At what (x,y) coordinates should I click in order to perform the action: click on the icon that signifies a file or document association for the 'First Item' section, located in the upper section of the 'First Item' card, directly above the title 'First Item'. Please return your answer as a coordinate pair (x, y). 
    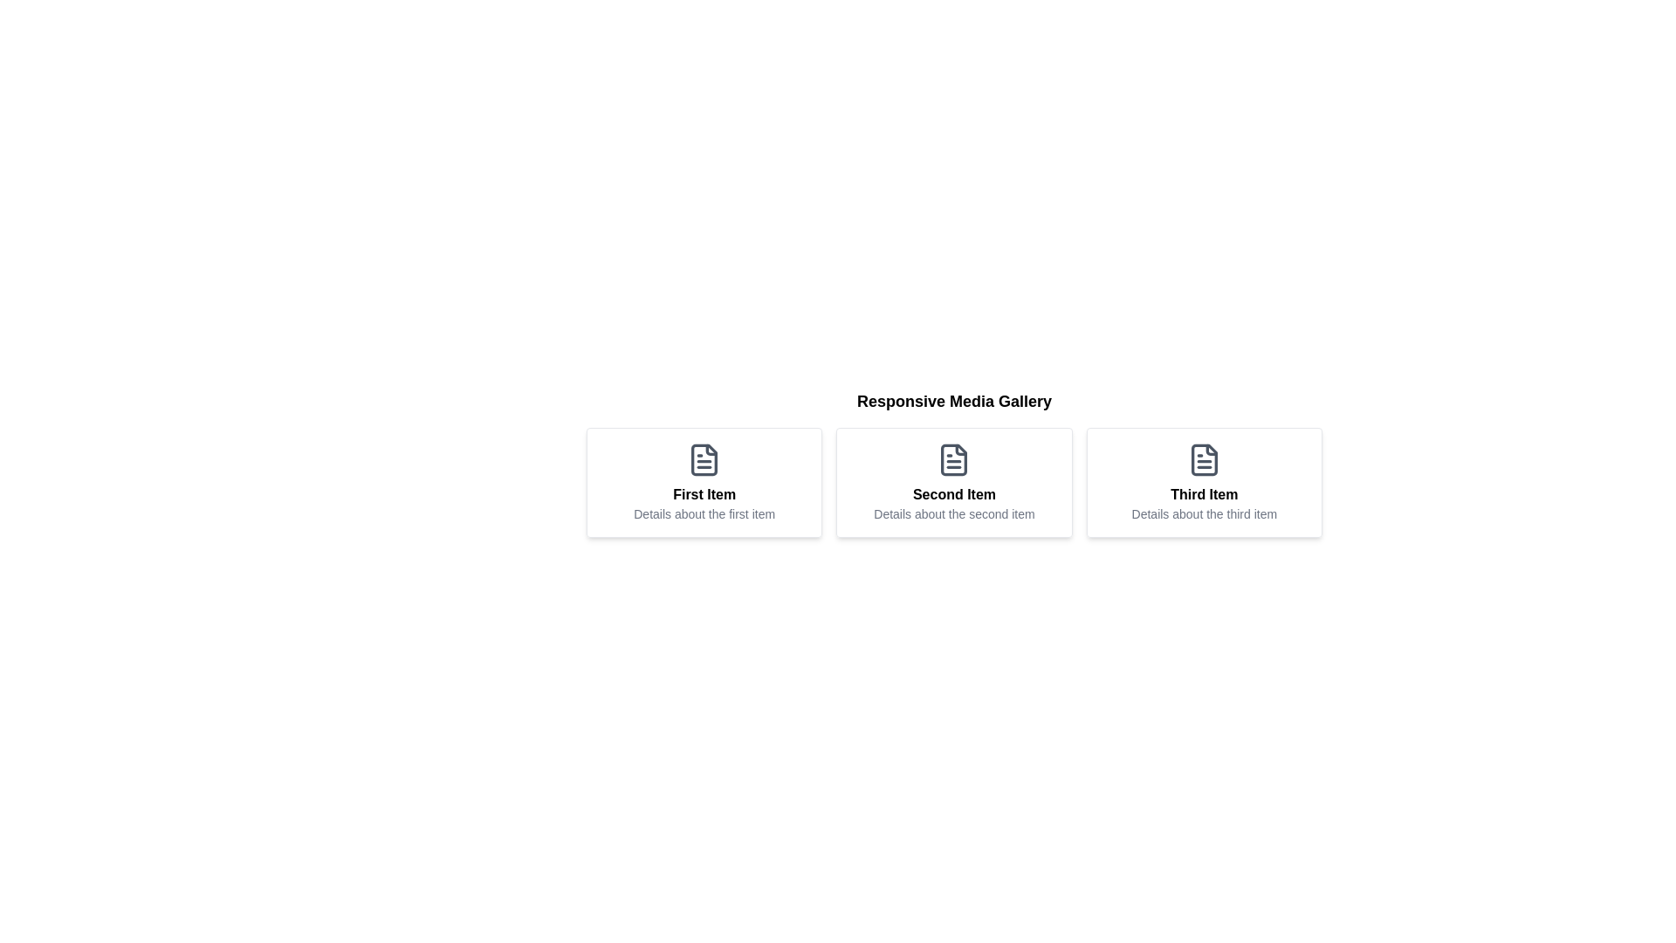
    Looking at the image, I should click on (704, 459).